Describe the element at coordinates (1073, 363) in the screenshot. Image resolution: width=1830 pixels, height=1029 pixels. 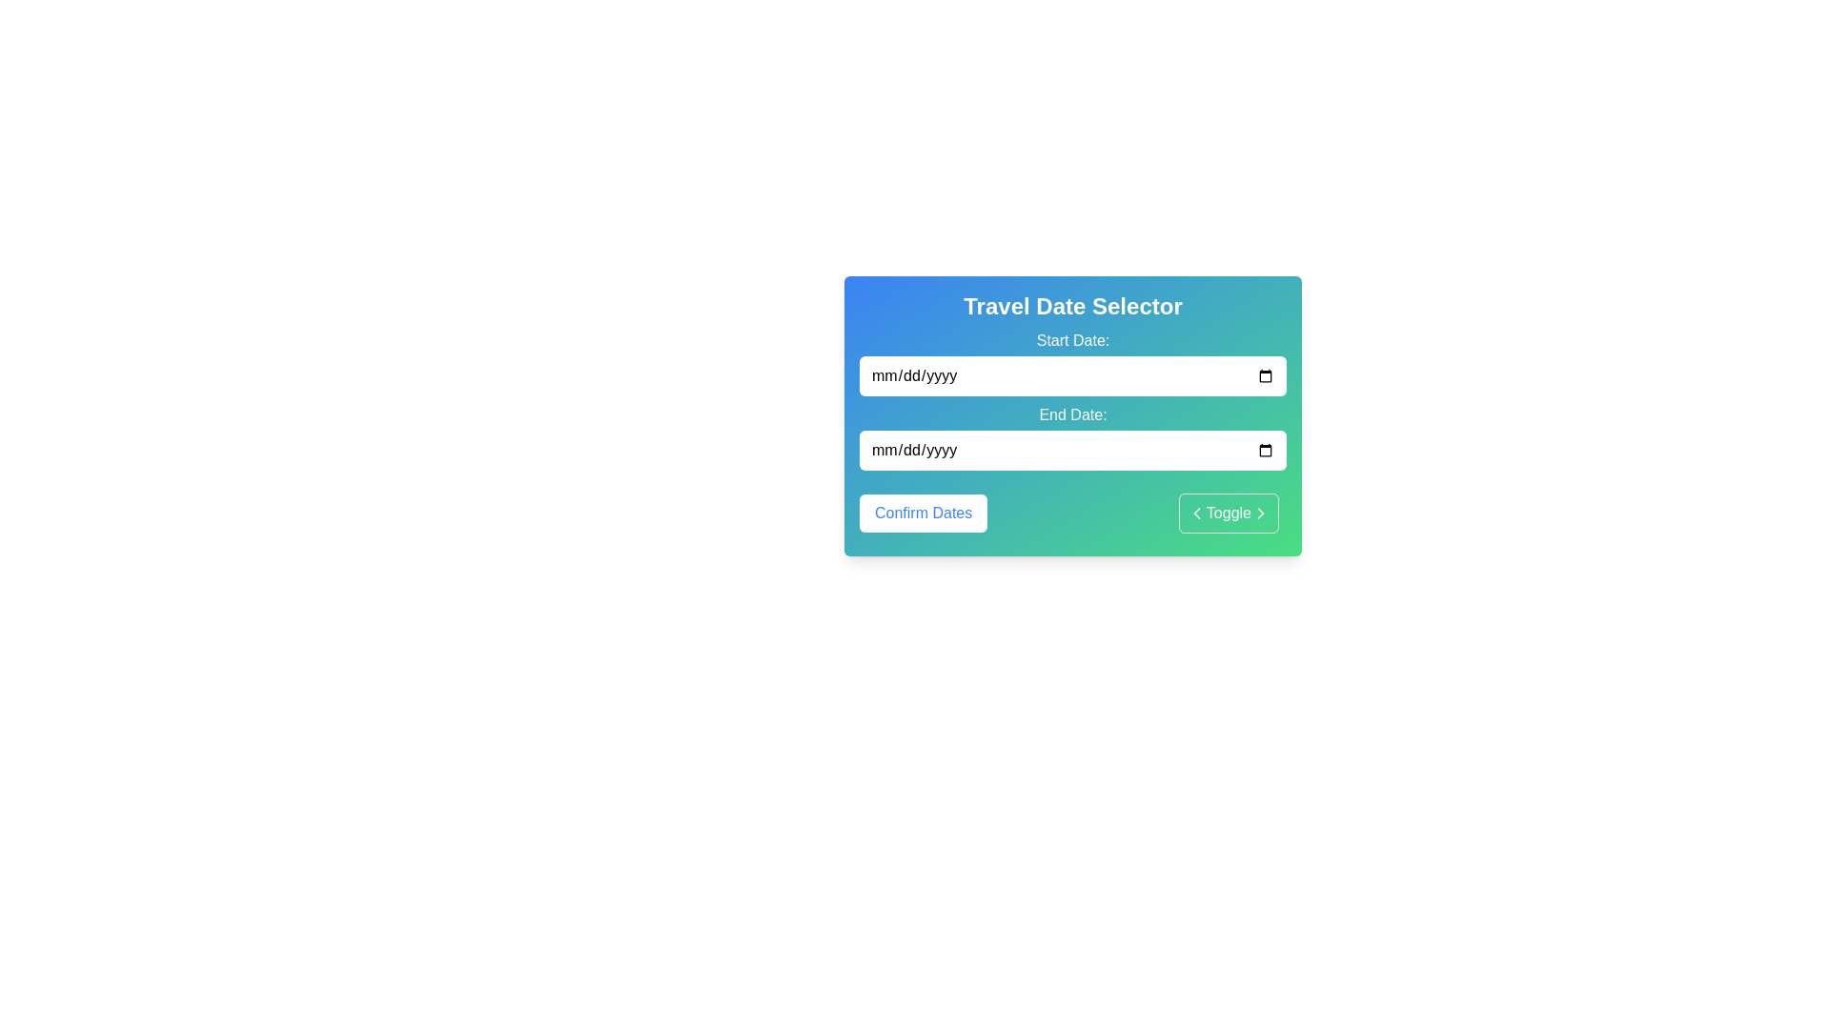
I see `text label that displays 'Start Date:' above the date input field in the 'Travel Date Selector' card` at that location.